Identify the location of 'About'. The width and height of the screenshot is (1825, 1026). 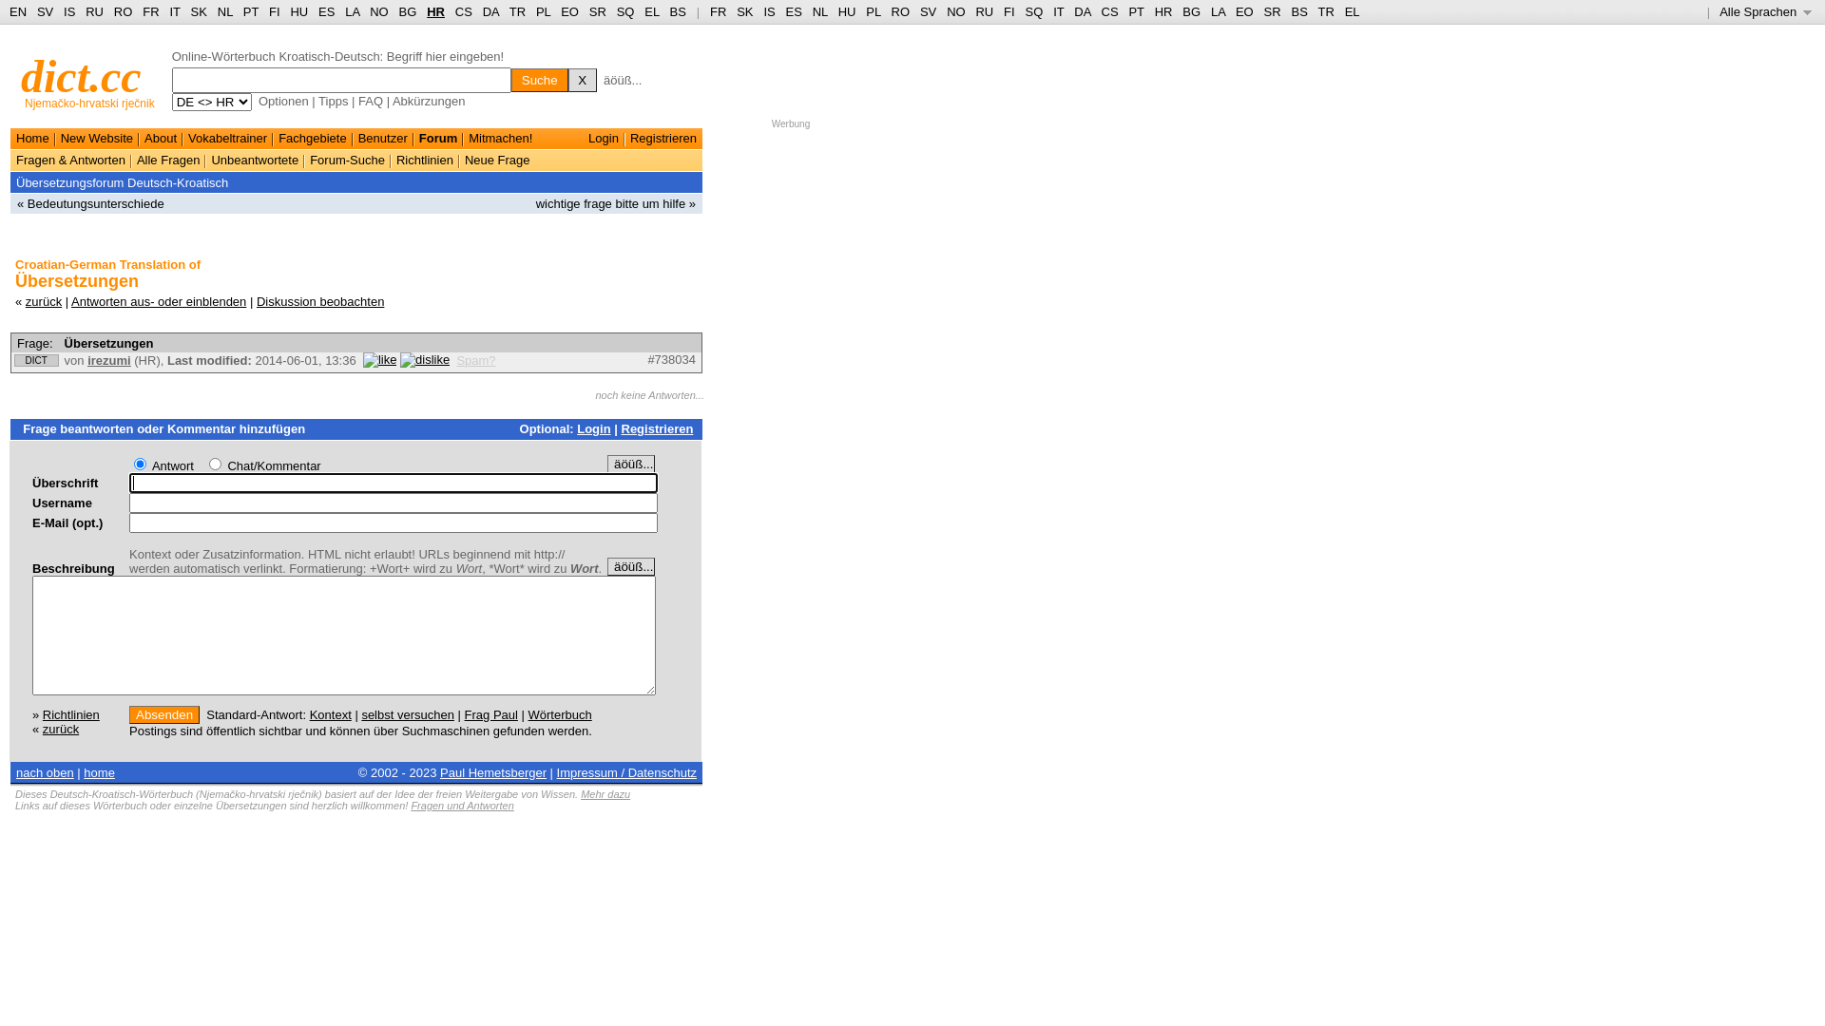
(160, 137).